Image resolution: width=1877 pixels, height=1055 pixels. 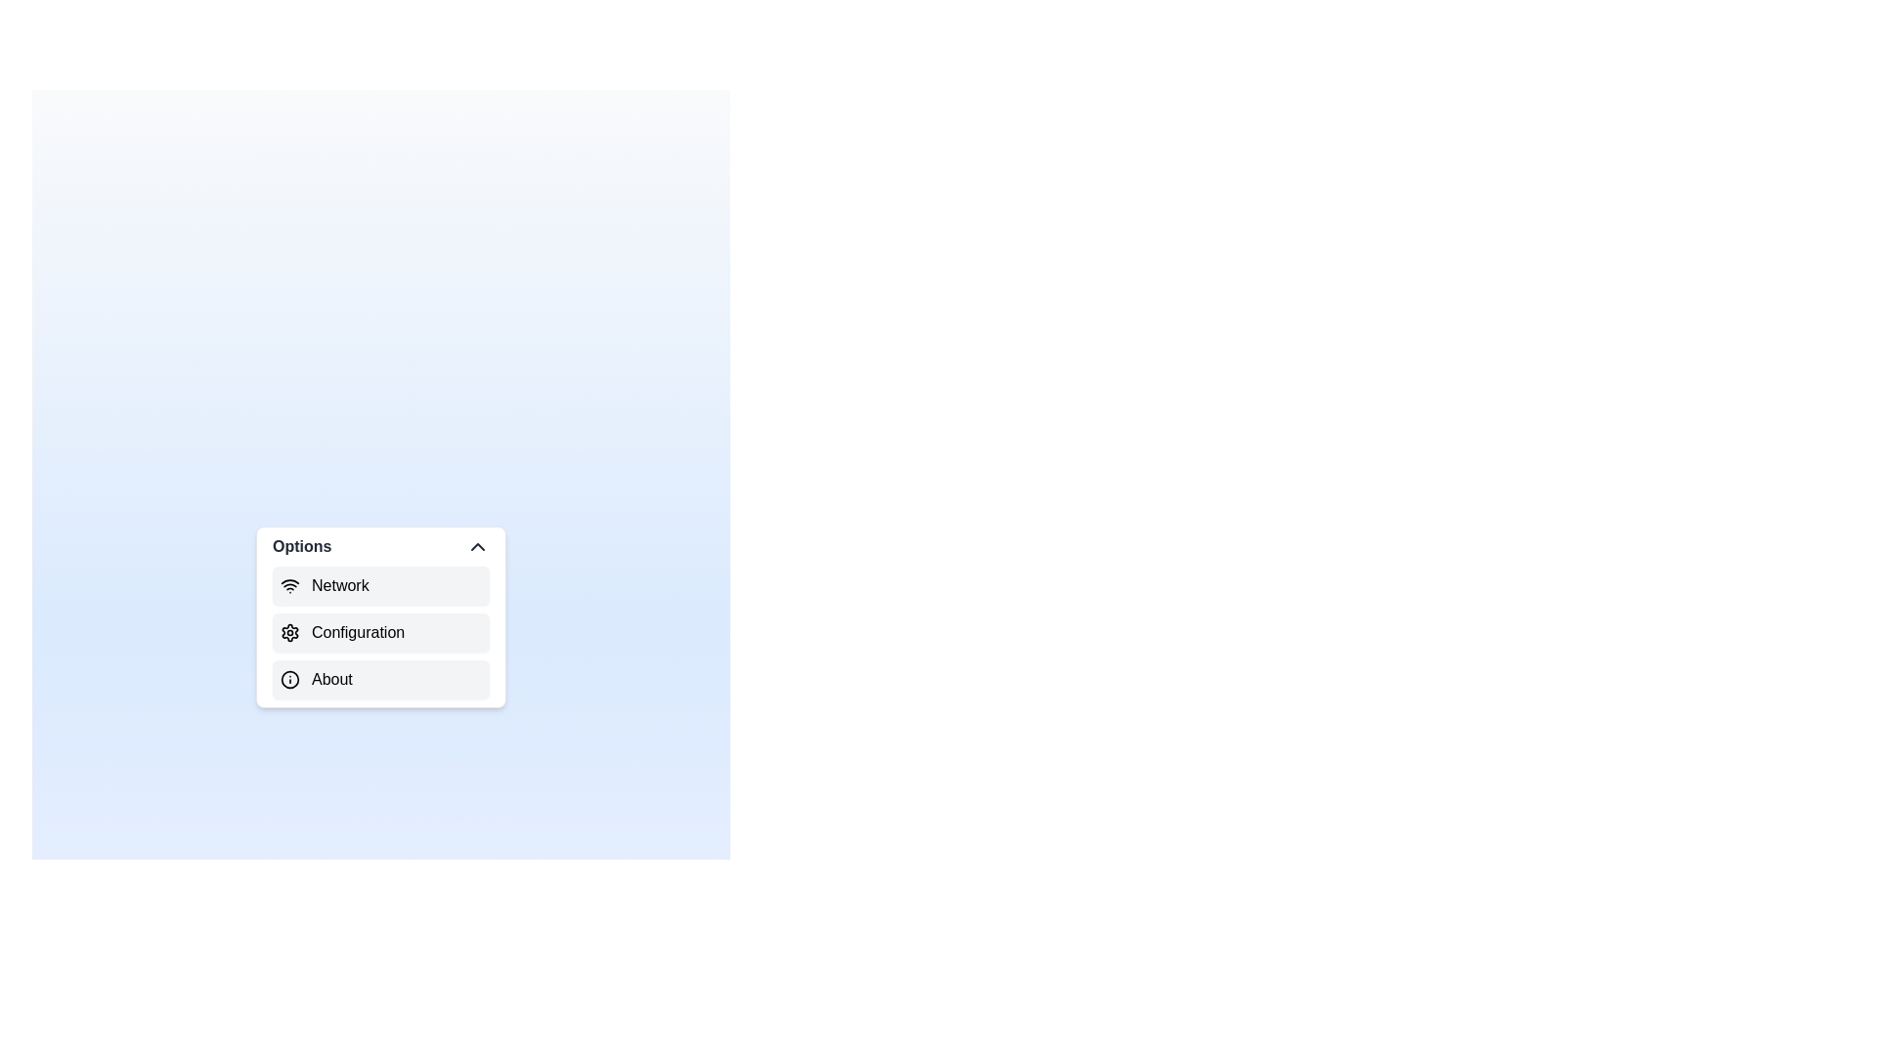 What do you see at coordinates (380, 585) in the screenshot?
I see `the menu item Network from the visible options` at bounding box center [380, 585].